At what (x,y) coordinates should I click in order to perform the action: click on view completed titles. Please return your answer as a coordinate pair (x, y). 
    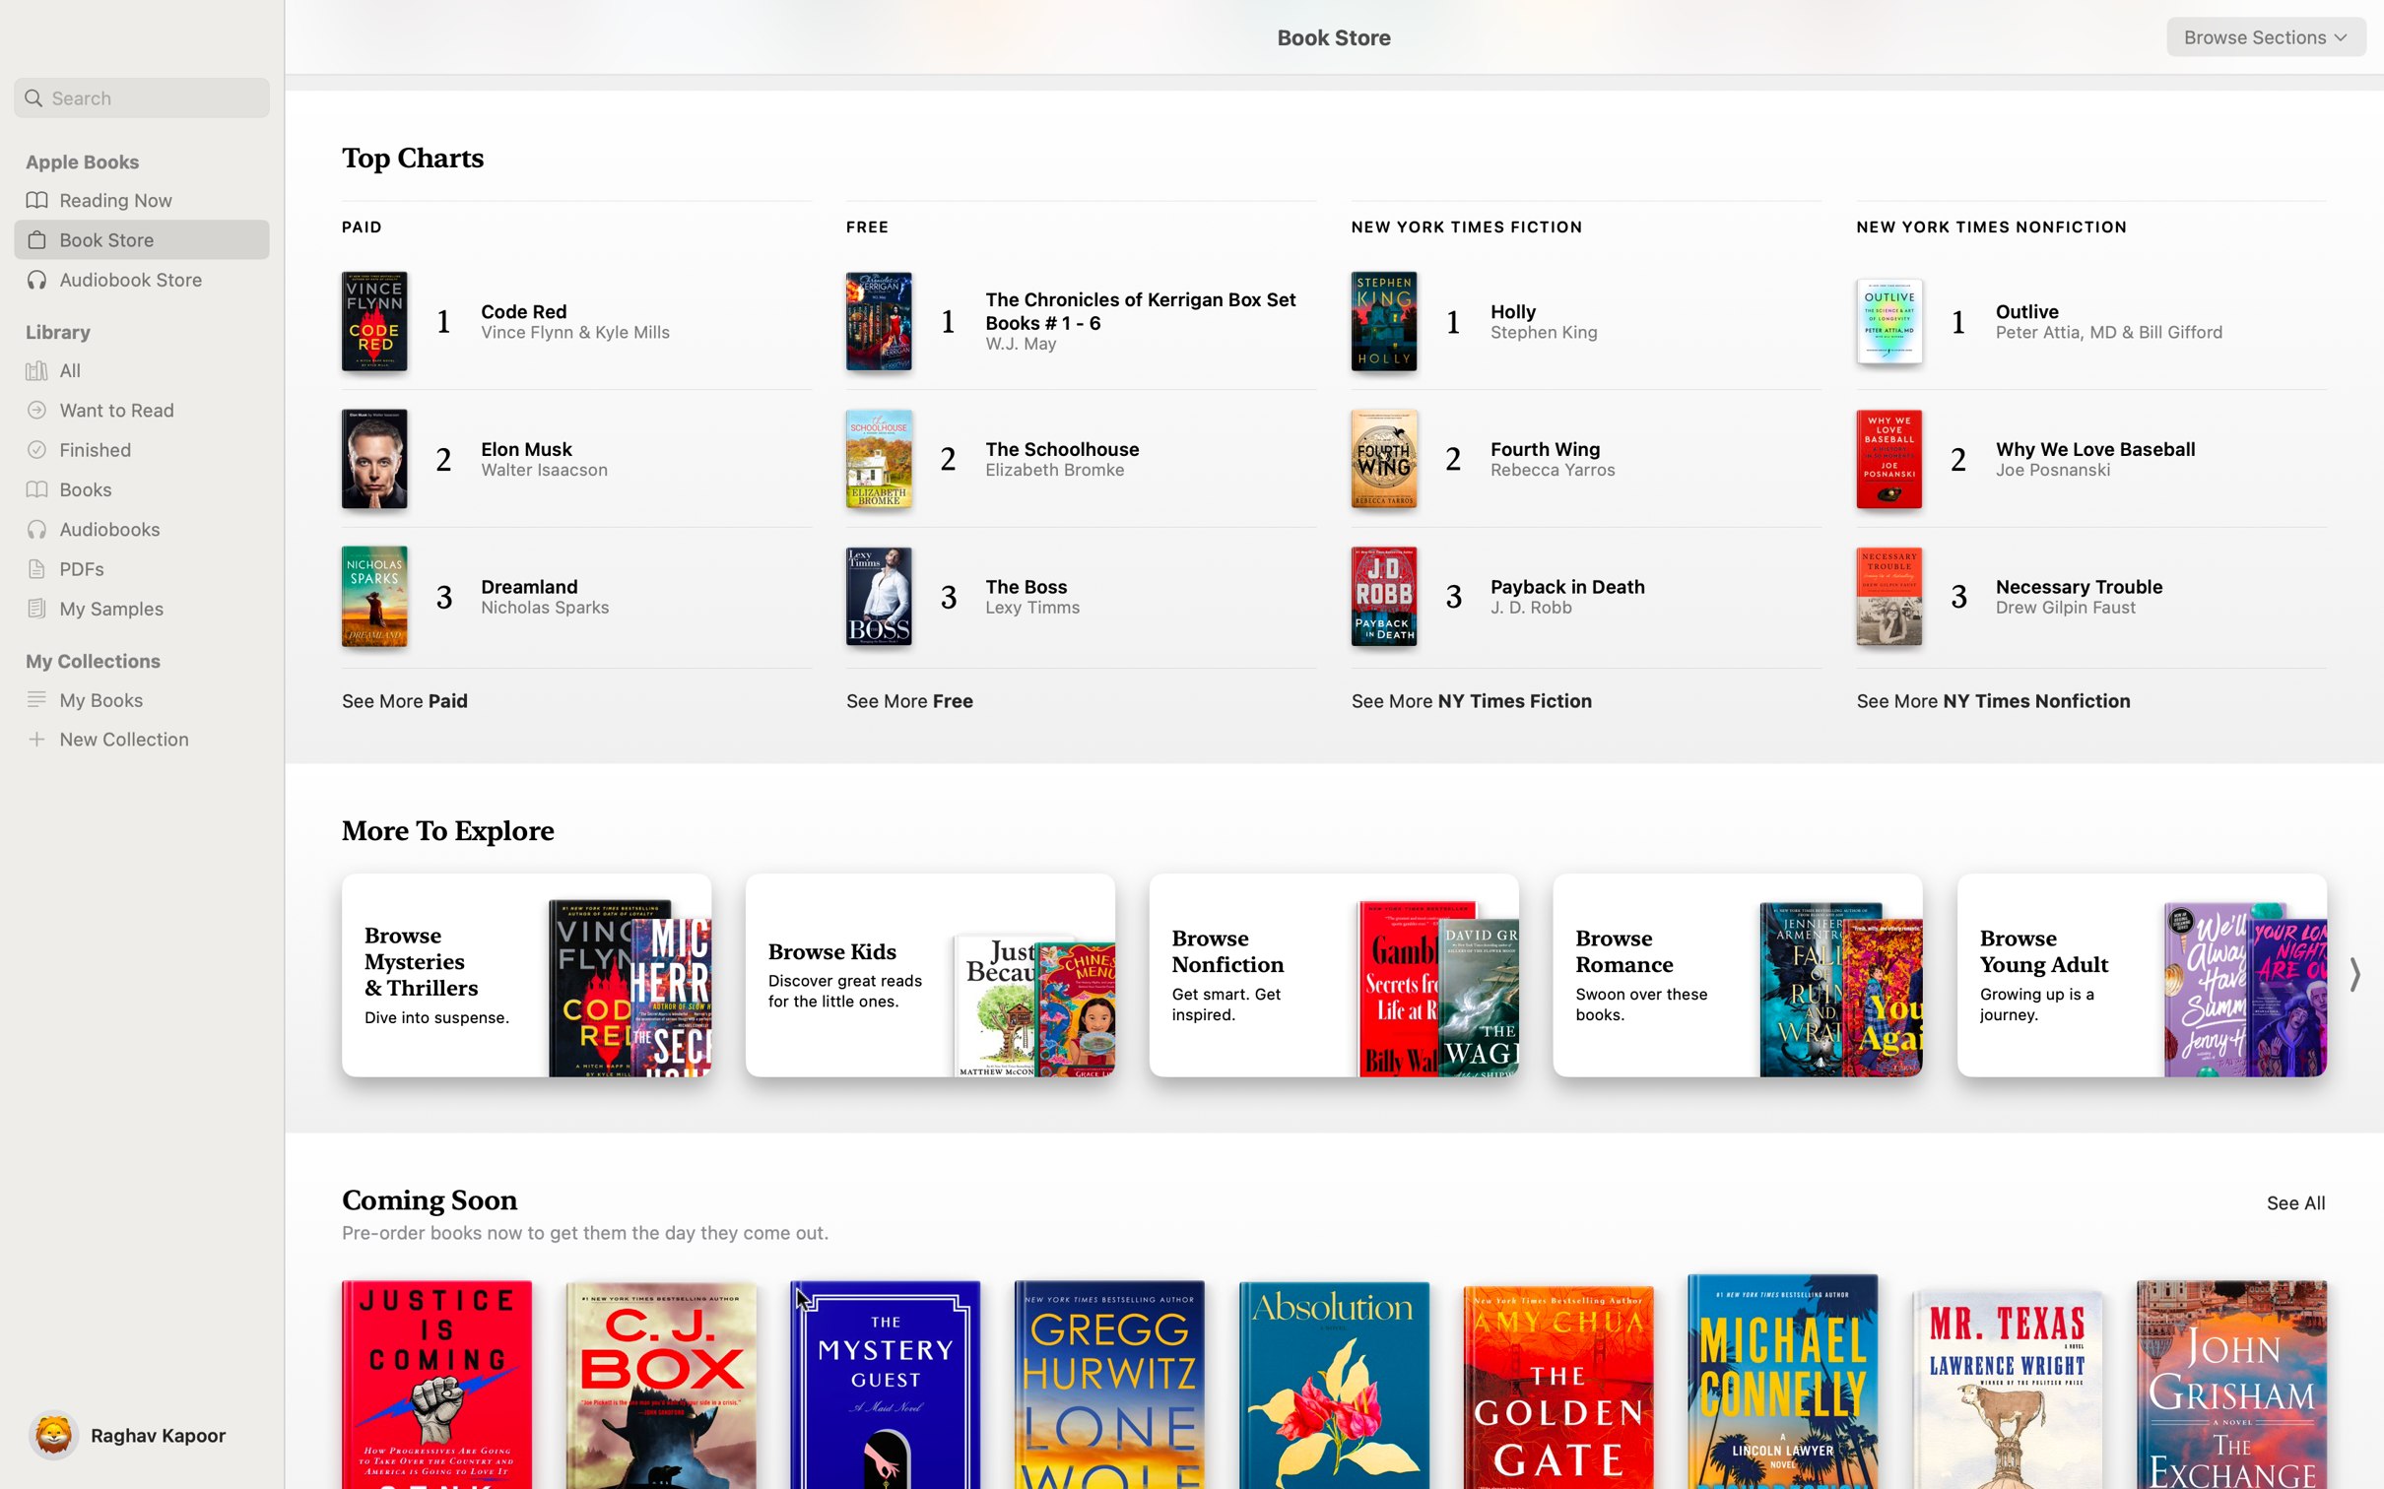
    Looking at the image, I should click on (4485496, 1661724).